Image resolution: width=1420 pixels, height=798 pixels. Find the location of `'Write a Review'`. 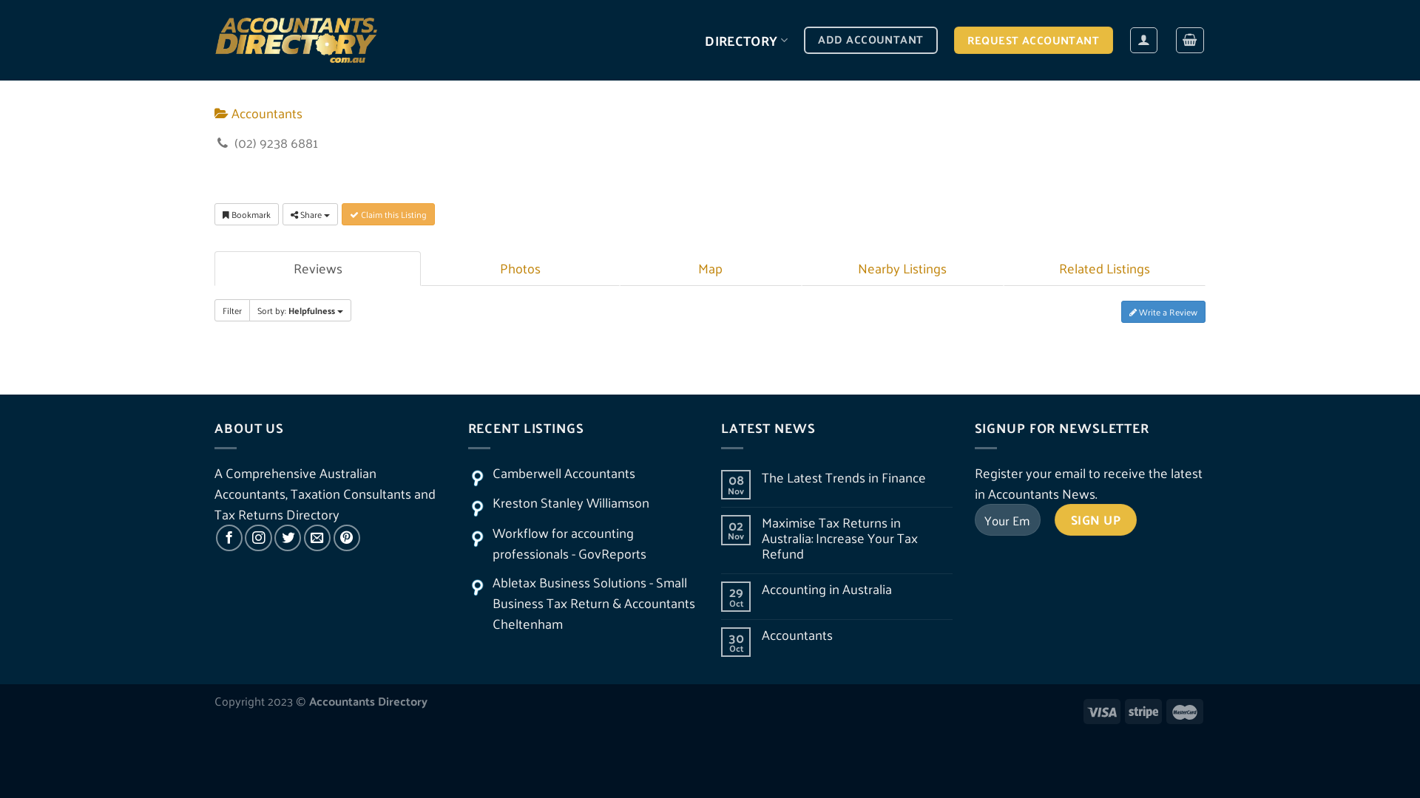

'Write a Review' is located at coordinates (1163, 310).